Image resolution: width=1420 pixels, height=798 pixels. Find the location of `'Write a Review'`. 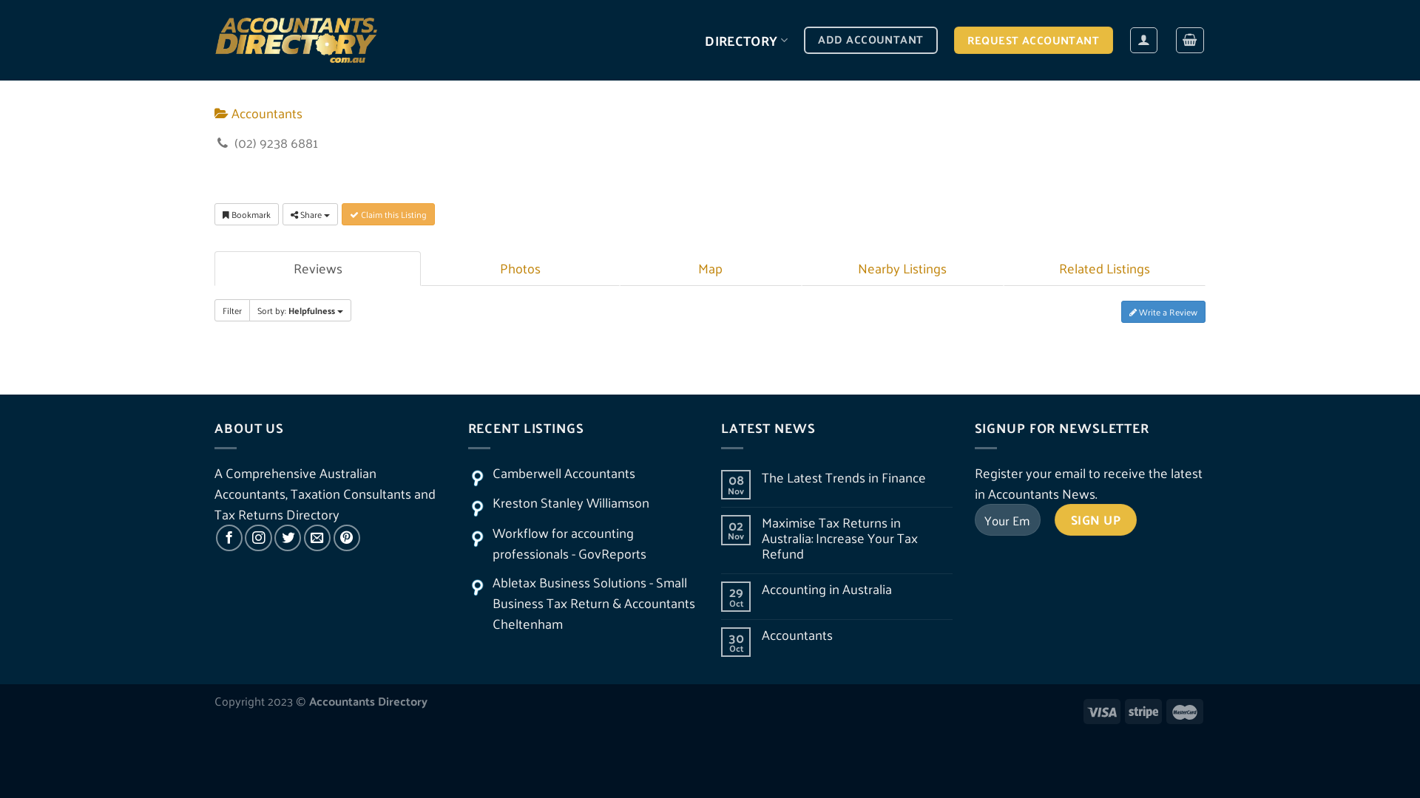

'Write a Review' is located at coordinates (1163, 310).